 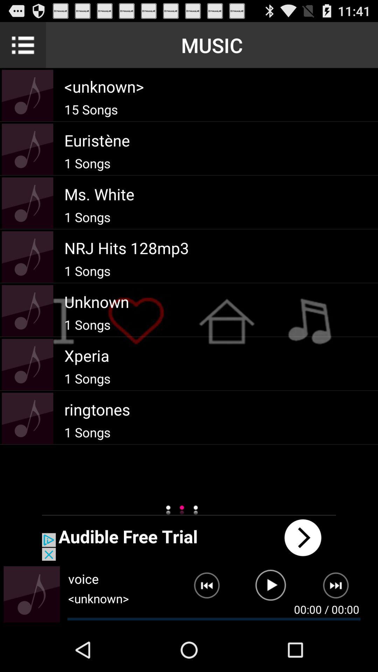 What do you see at coordinates (340, 588) in the screenshot?
I see `skip` at bounding box center [340, 588].